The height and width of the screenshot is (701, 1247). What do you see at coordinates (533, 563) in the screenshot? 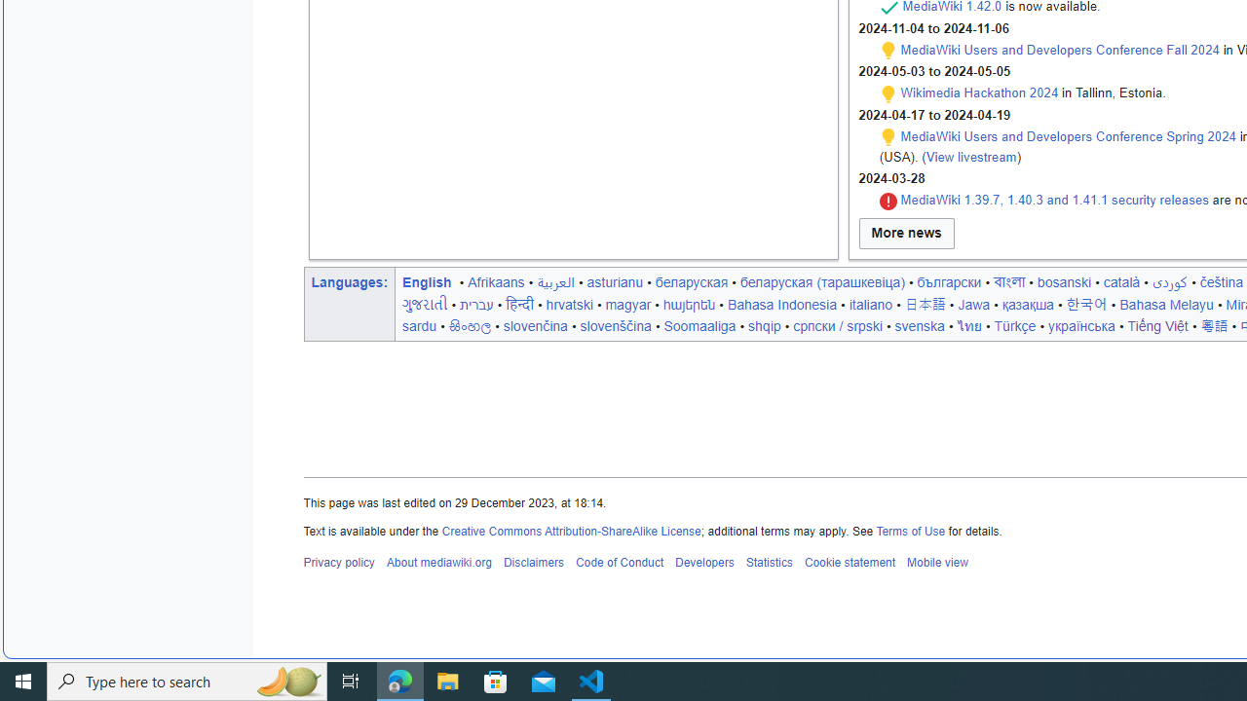
I see `'Disclaimers'` at bounding box center [533, 563].